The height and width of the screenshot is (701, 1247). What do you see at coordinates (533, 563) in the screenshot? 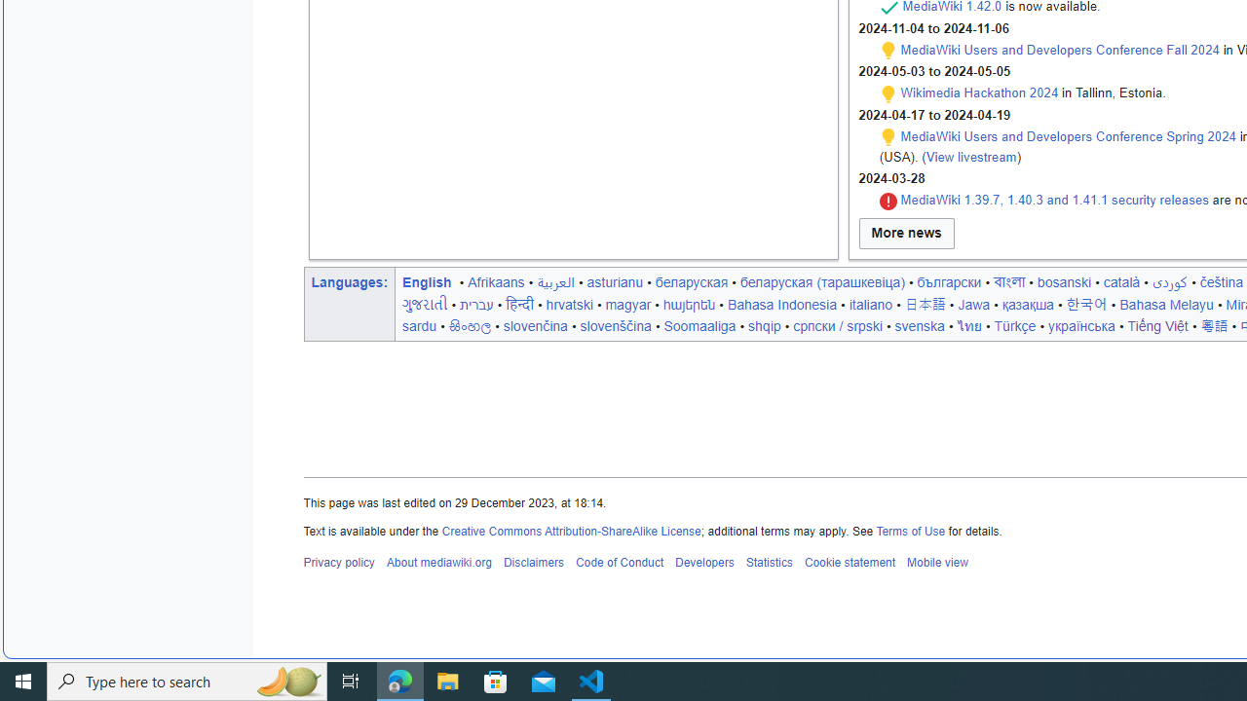
I see `'Disclaimers'` at bounding box center [533, 563].